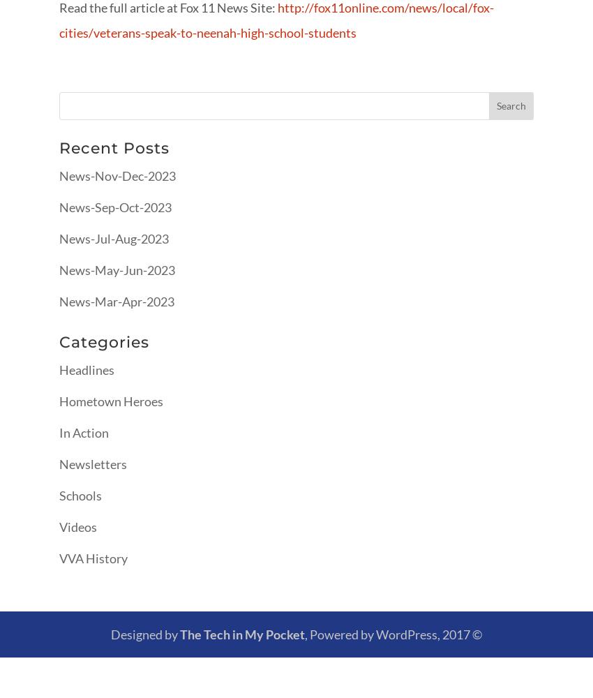 This screenshot has width=593, height=698. Describe the element at coordinates (111, 400) in the screenshot. I see `'Hometown Heroes'` at that location.